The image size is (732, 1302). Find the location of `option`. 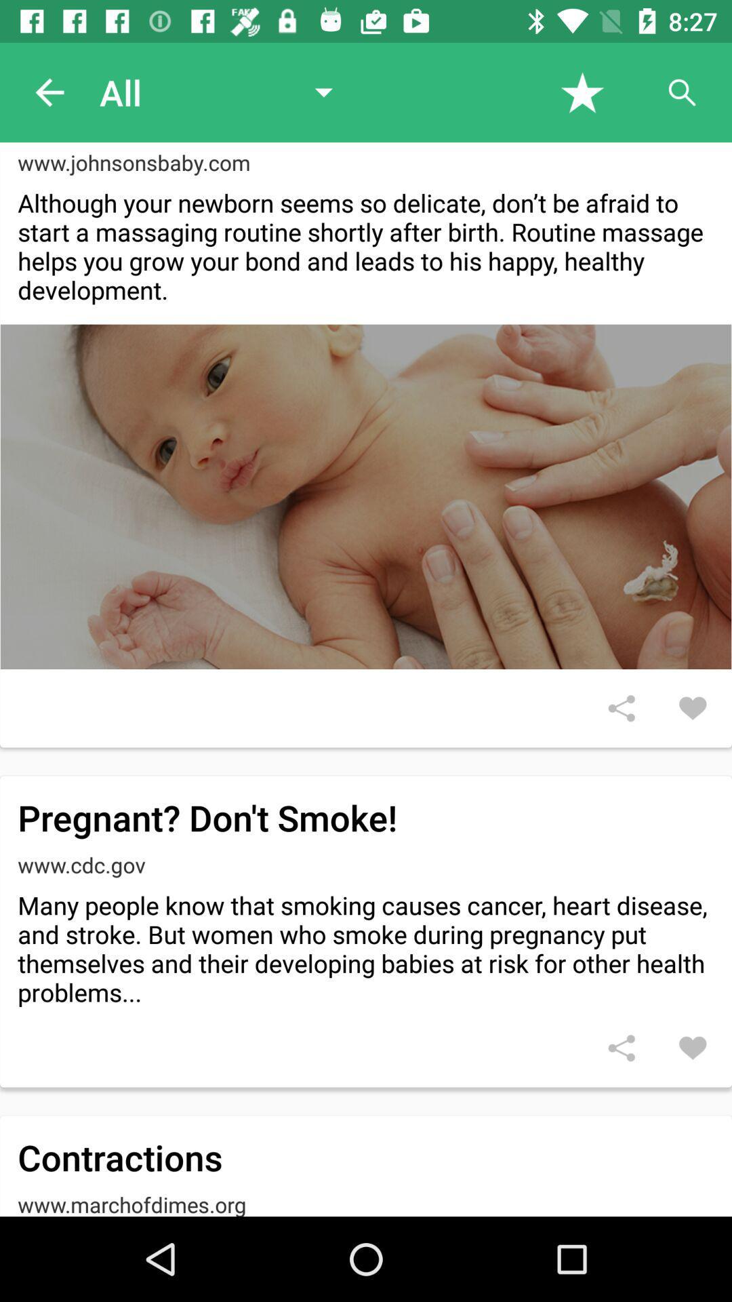

option is located at coordinates (693, 1047).